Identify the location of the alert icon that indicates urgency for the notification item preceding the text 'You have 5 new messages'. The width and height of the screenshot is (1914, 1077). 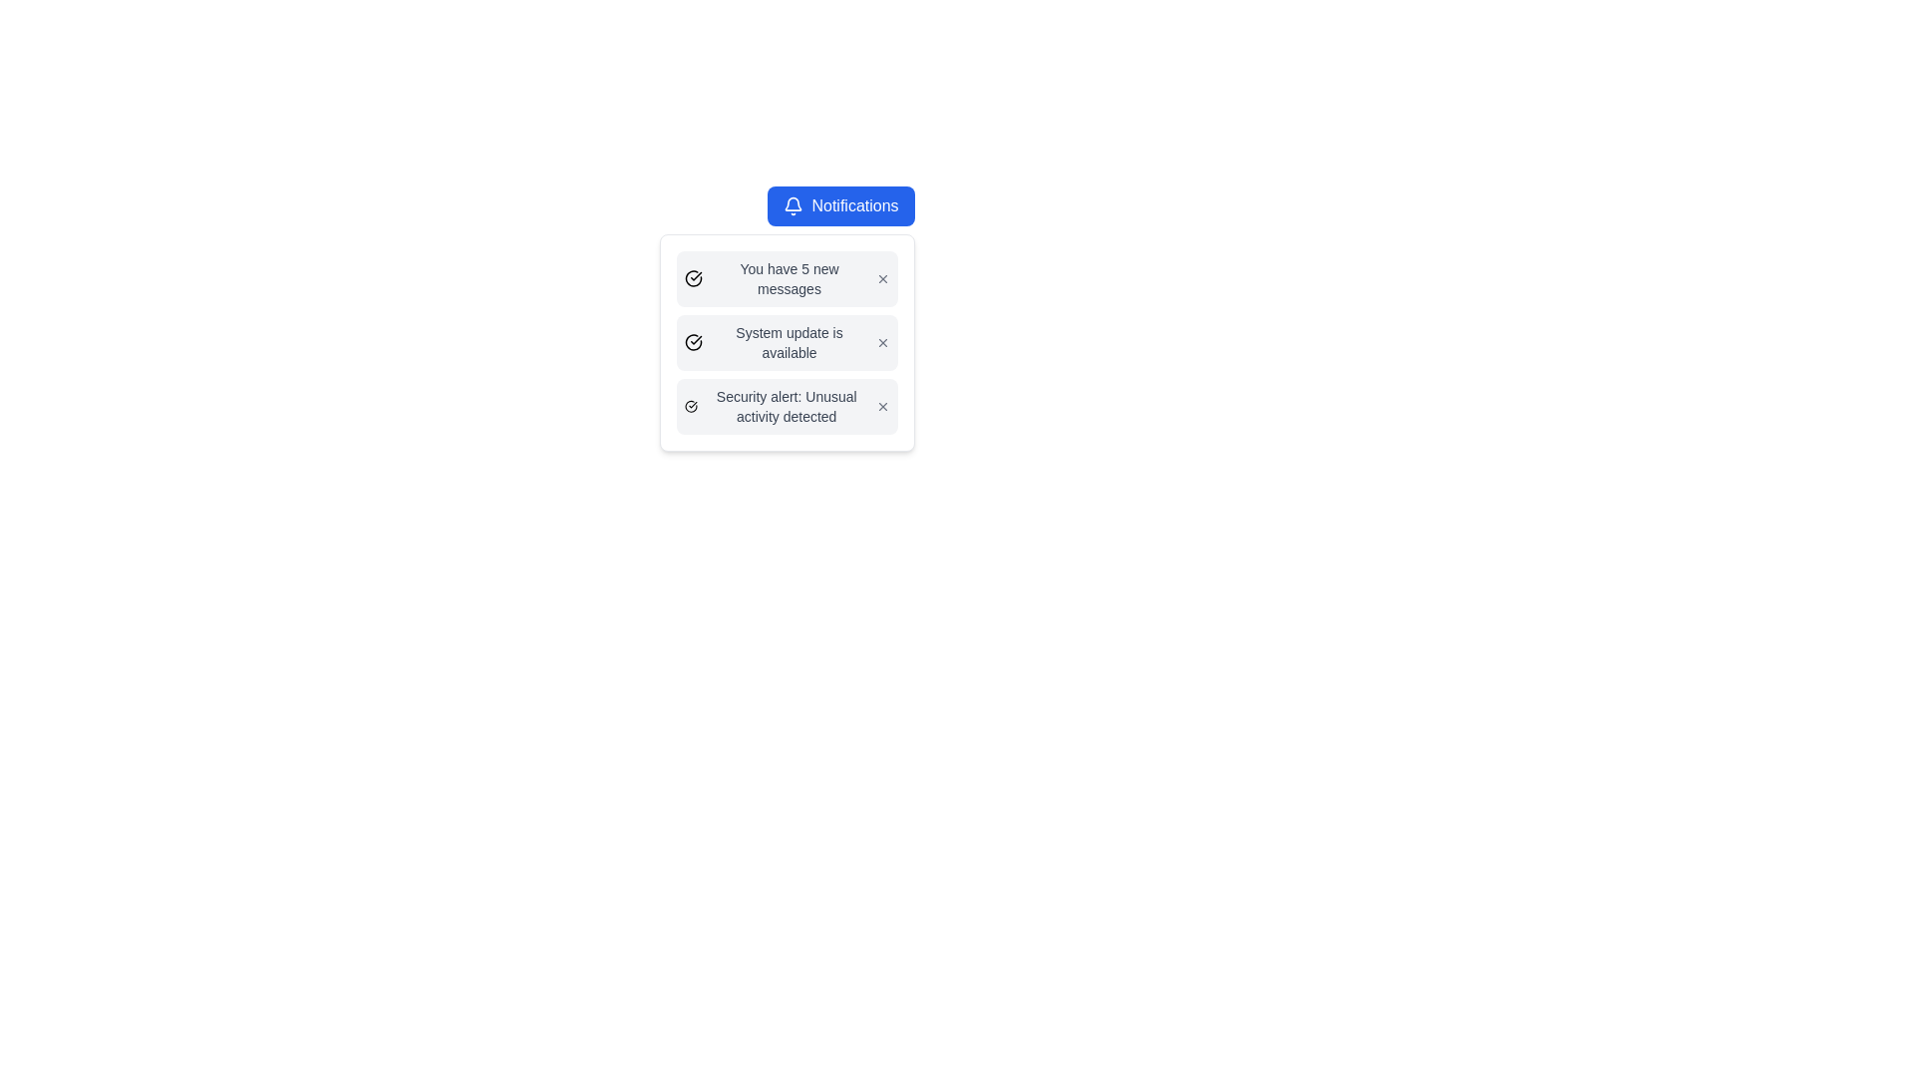
(694, 279).